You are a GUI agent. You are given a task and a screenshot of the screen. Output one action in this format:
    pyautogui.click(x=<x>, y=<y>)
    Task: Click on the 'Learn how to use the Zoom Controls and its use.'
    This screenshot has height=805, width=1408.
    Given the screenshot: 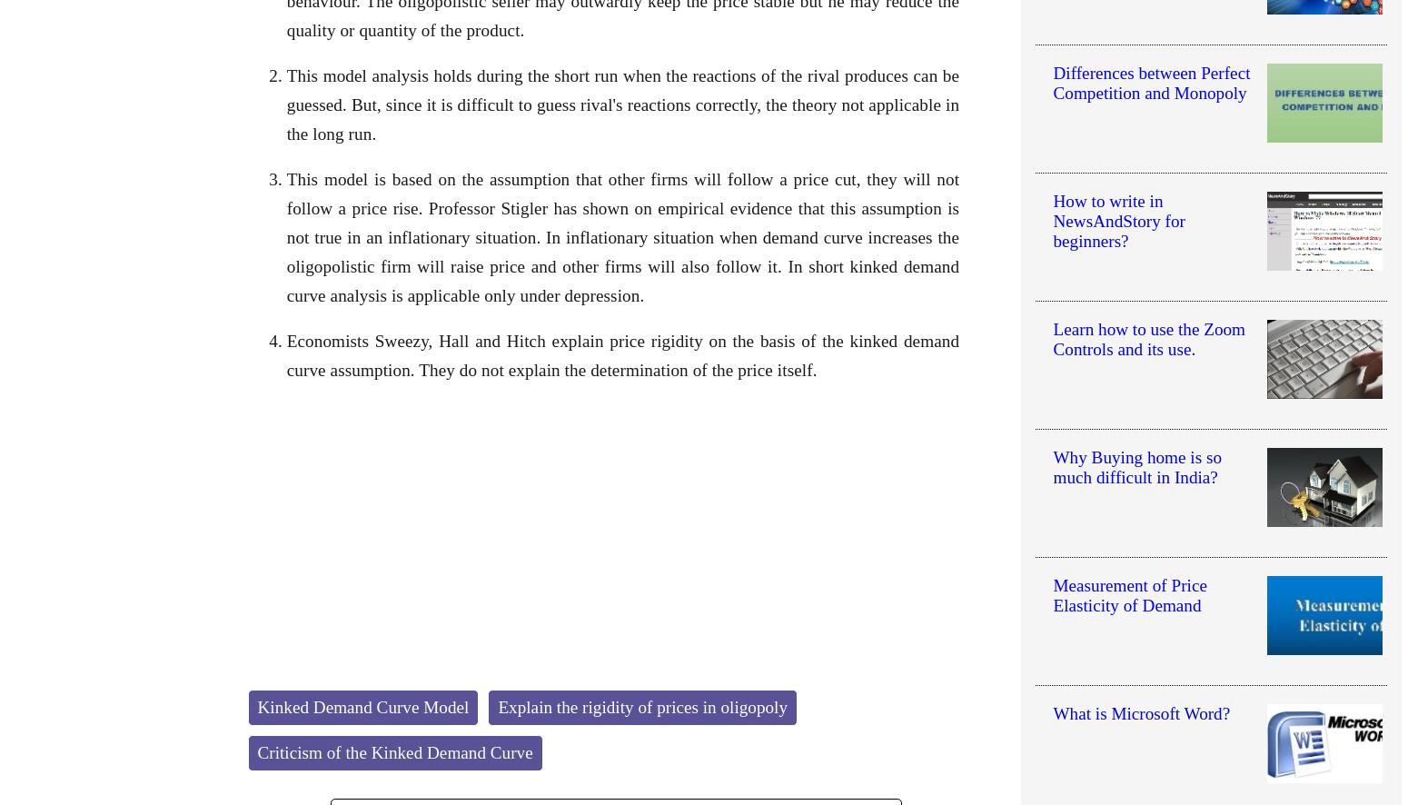 What is the action you would take?
    pyautogui.click(x=1051, y=339)
    